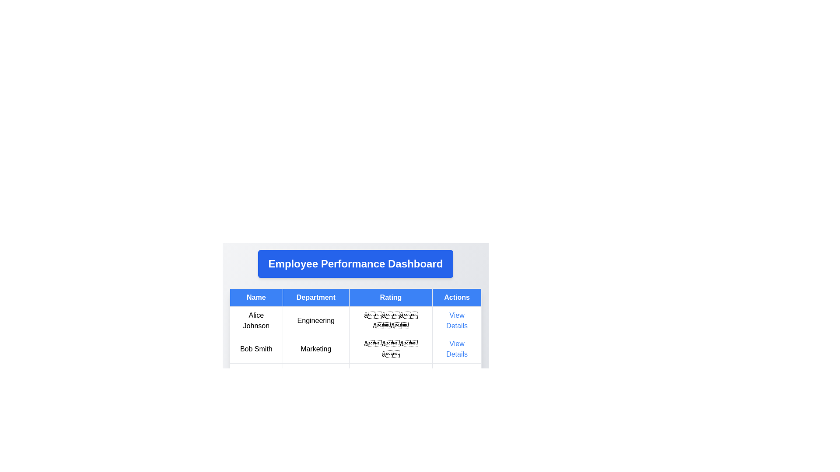 Image resolution: width=840 pixels, height=472 pixels. Describe the element at coordinates (456, 348) in the screenshot. I see `the hyperlink in the fourth column of the second row of the table that is associated with 'Bob Smith' in the 'Marketing' department` at that location.